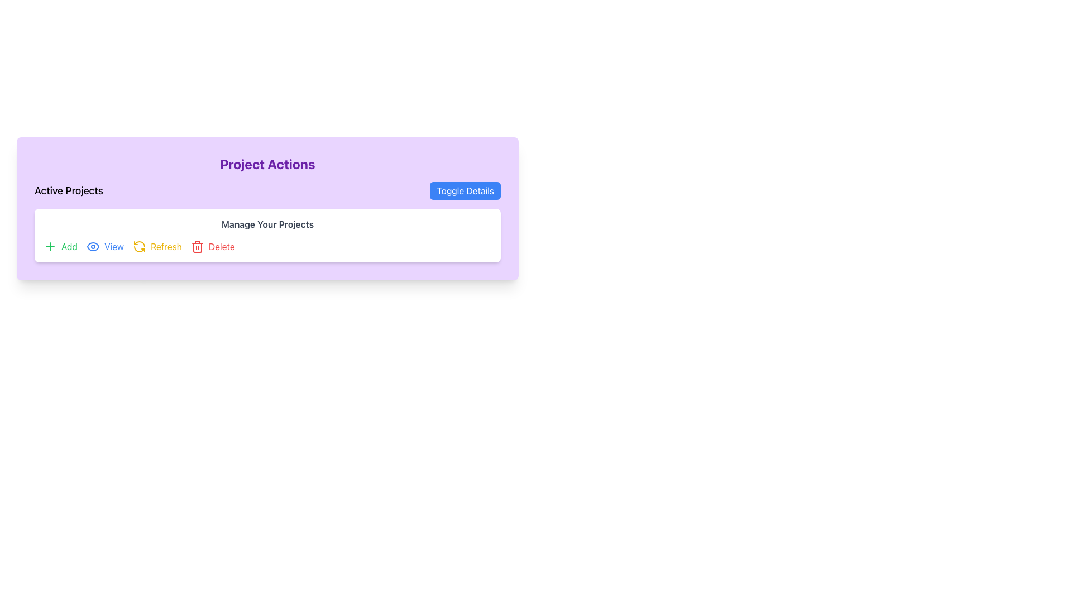 This screenshot has height=603, width=1072. I want to click on the blue-colored eye icon representing the 'view' action, which is the leftmost sub-element within the 'View' button in the action bar under the 'Active Projects' heading, so click(93, 246).